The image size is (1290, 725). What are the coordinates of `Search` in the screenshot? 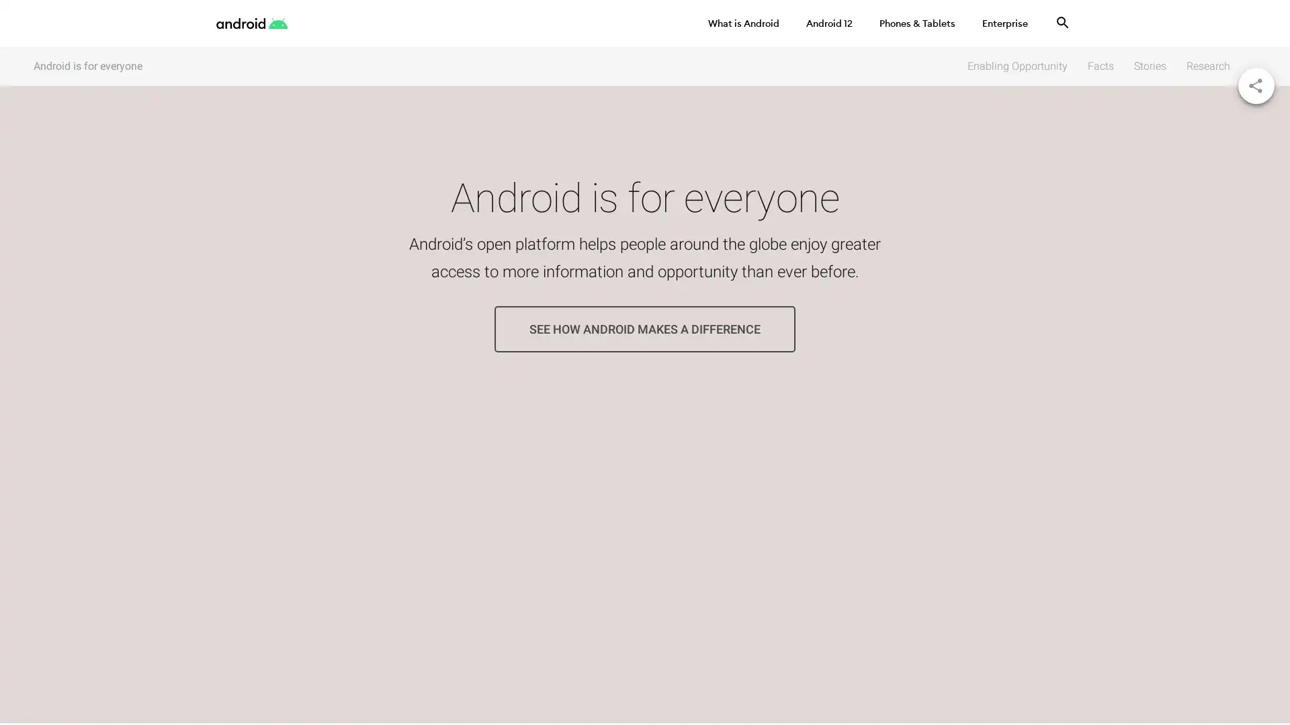 It's located at (1062, 23).